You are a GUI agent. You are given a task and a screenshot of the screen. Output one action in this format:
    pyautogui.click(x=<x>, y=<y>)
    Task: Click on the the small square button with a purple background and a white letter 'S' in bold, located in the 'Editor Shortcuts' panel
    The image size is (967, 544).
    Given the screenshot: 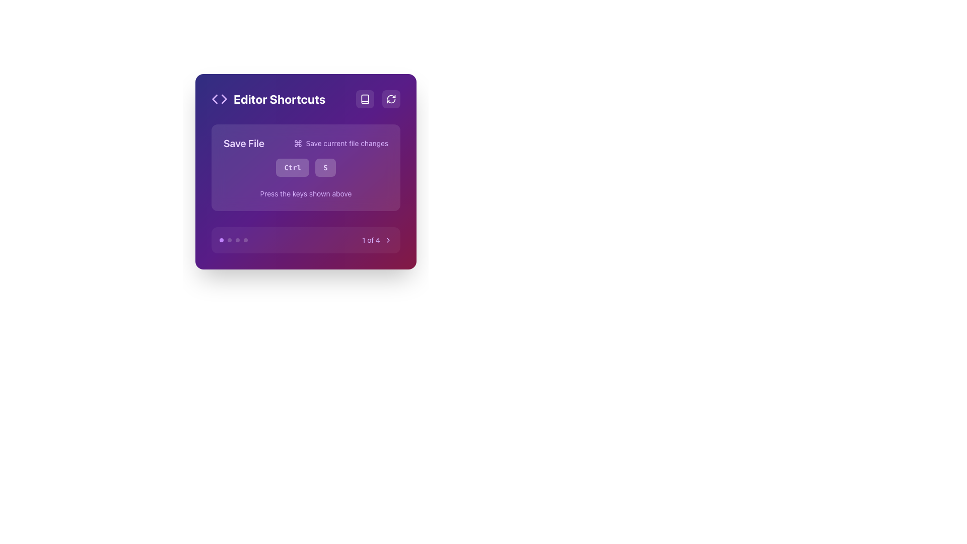 What is the action you would take?
    pyautogui.click(x=325, y=167)
    